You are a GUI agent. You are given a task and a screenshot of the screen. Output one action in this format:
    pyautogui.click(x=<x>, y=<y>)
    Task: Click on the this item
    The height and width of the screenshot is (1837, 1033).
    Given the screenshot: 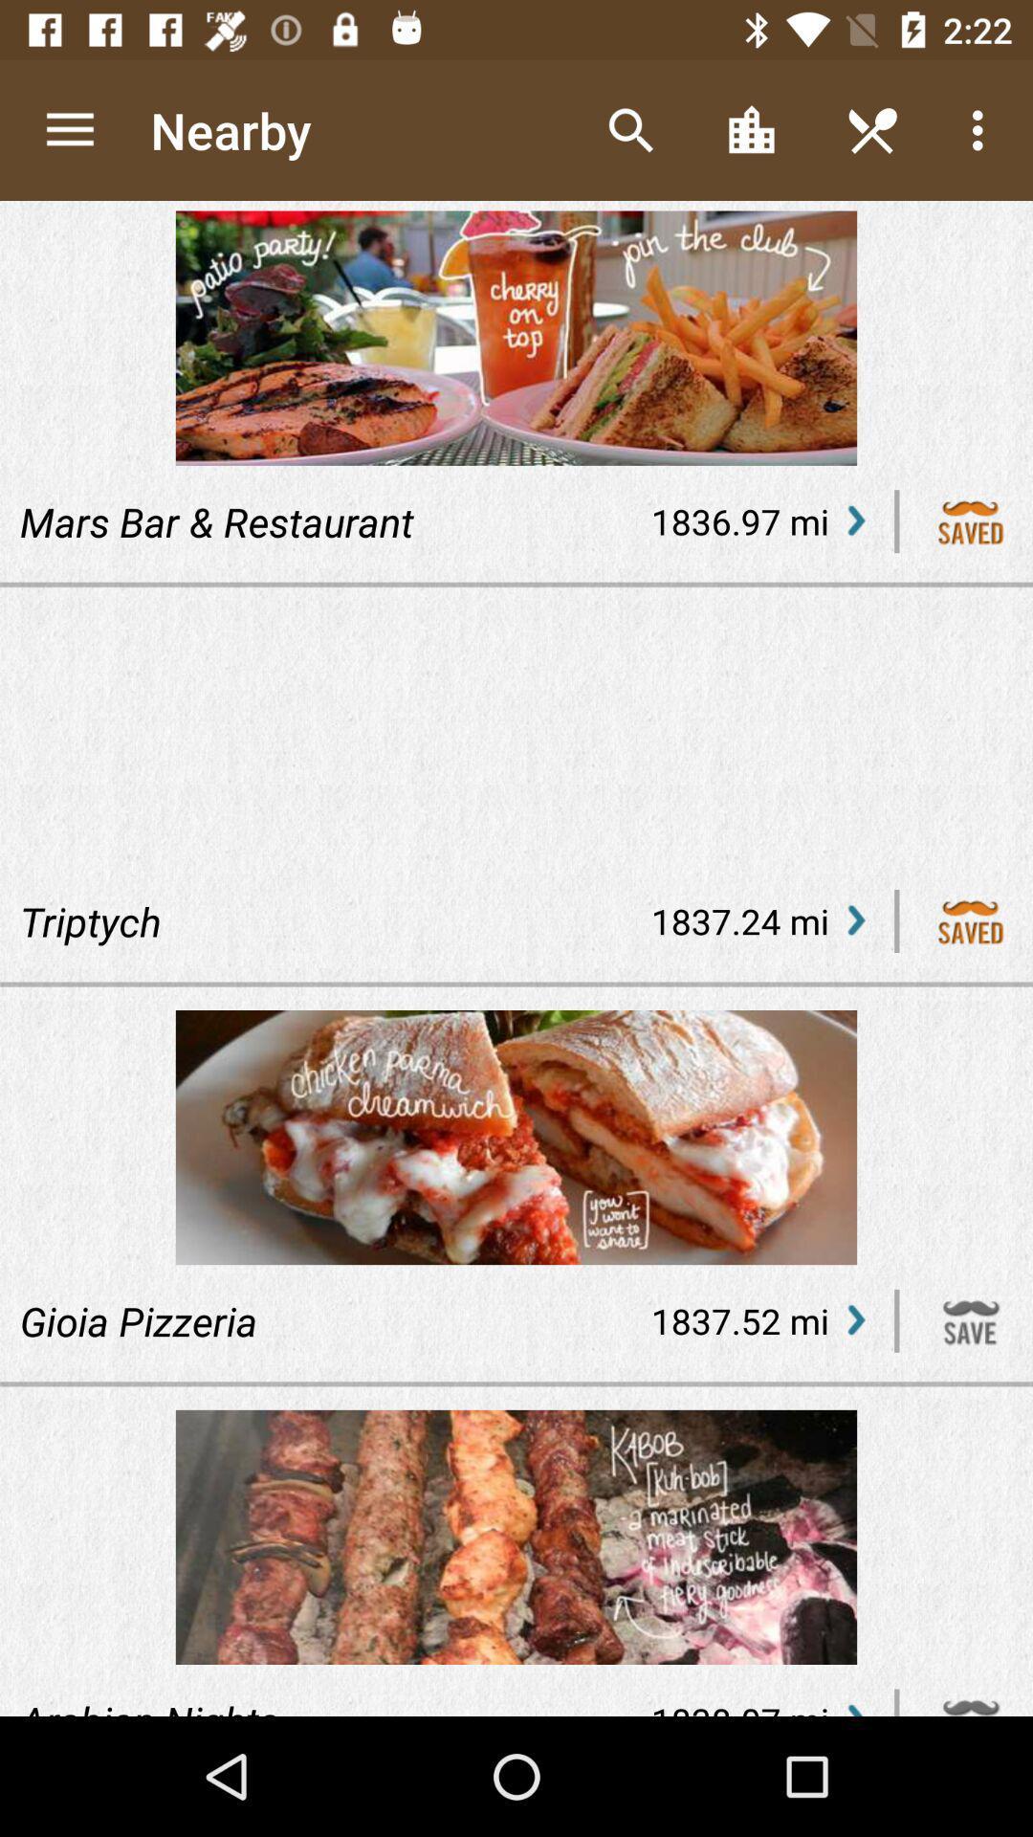 What is the action you would take?
    pyautogui.click(x=971, y=1319)
    